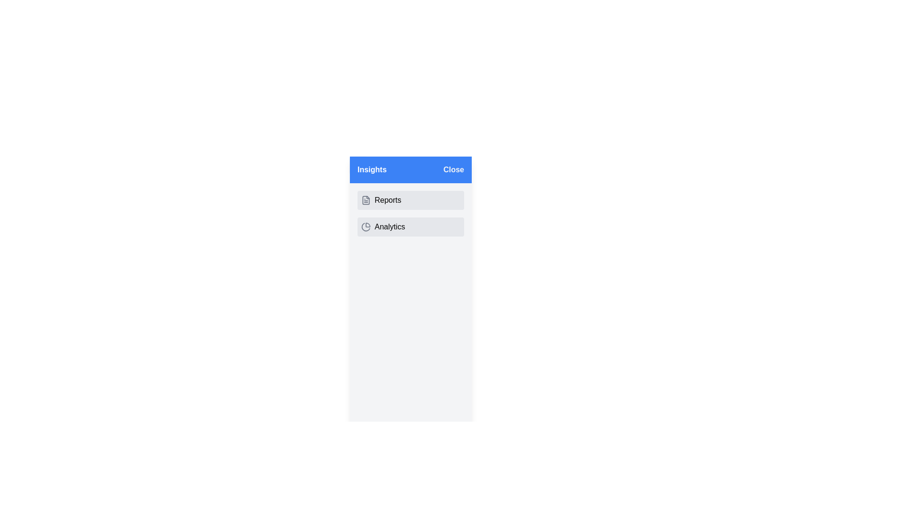 The height and width of the screenshot is (514, 914). I want to click on the leftmost button with an icon in the horizontal row of interactive buttons at the top of the sidebar, so click(358, 165).